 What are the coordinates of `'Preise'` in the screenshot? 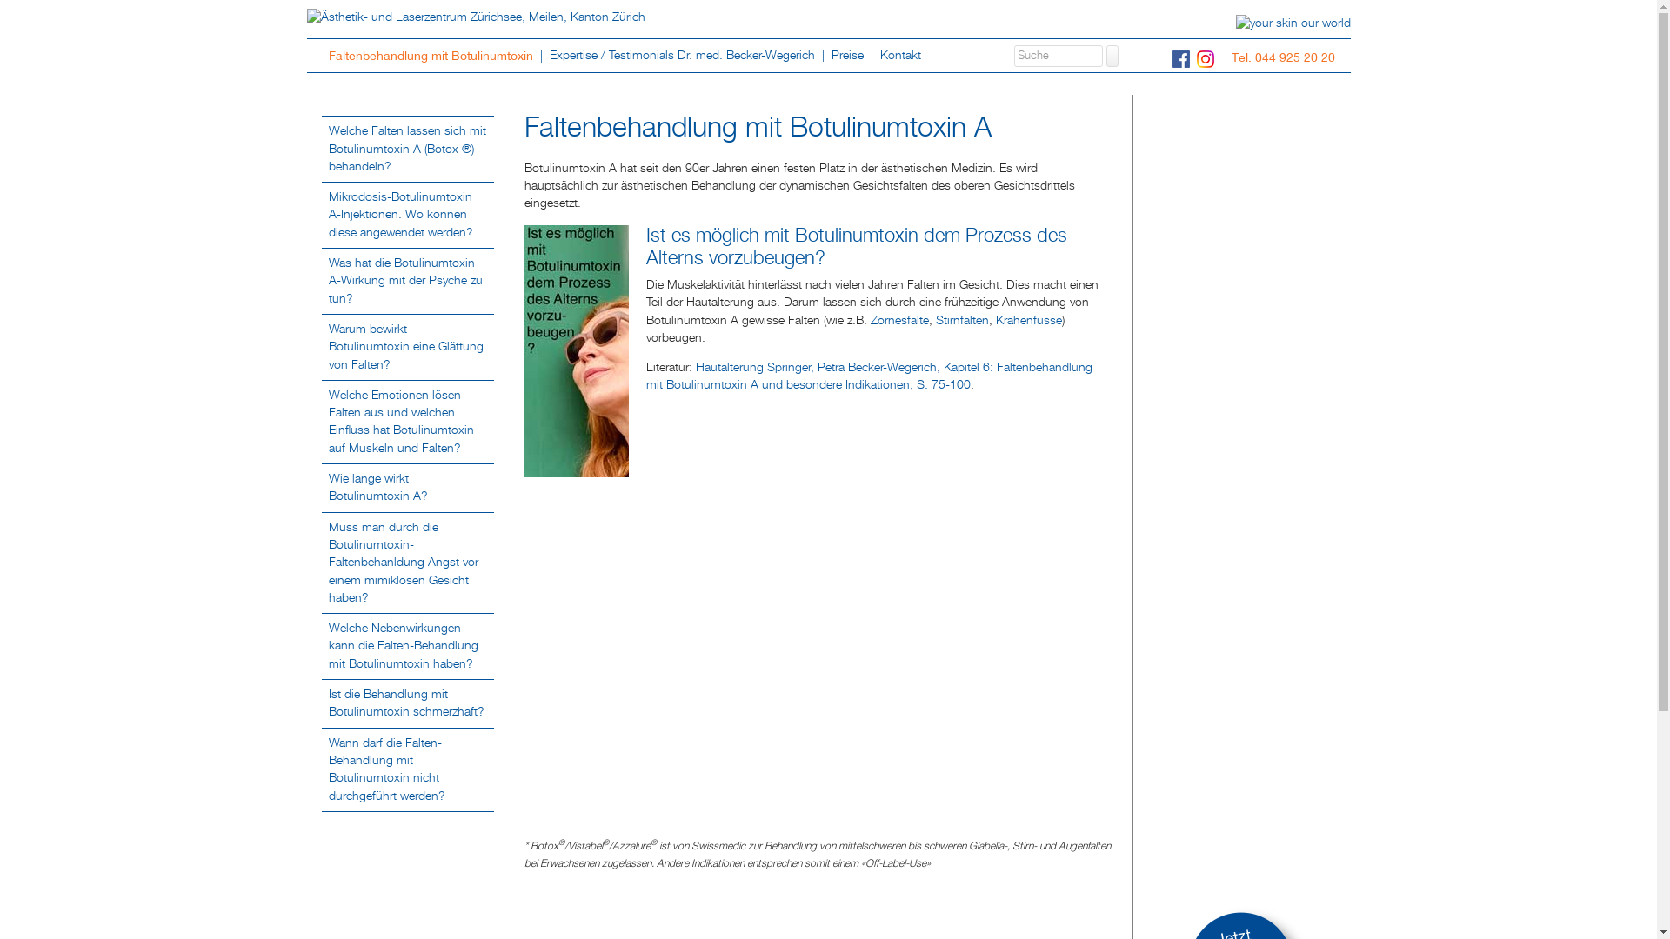 It's located at (824, 54).